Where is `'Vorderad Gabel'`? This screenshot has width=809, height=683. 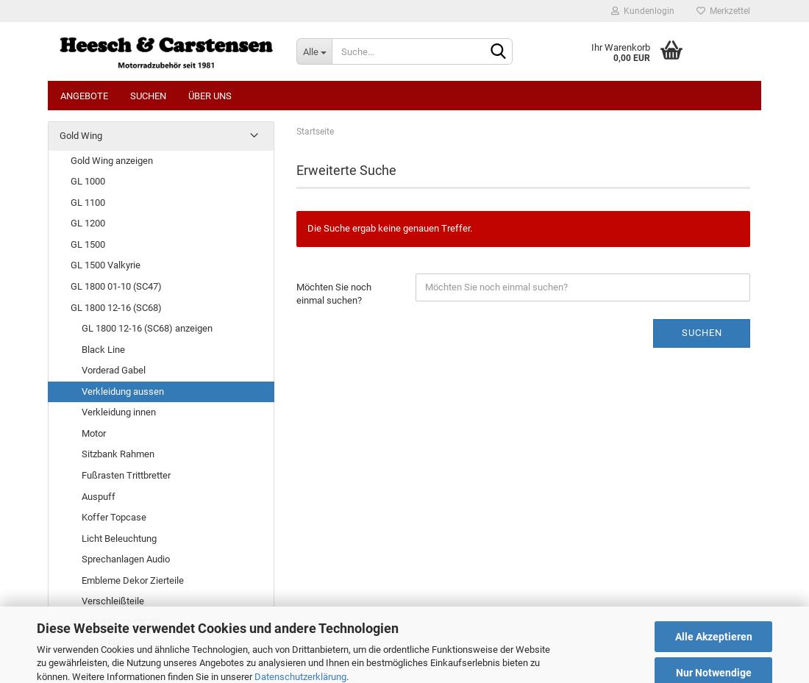
'Vorderad Gabel' is located at coordinates (113, 370).